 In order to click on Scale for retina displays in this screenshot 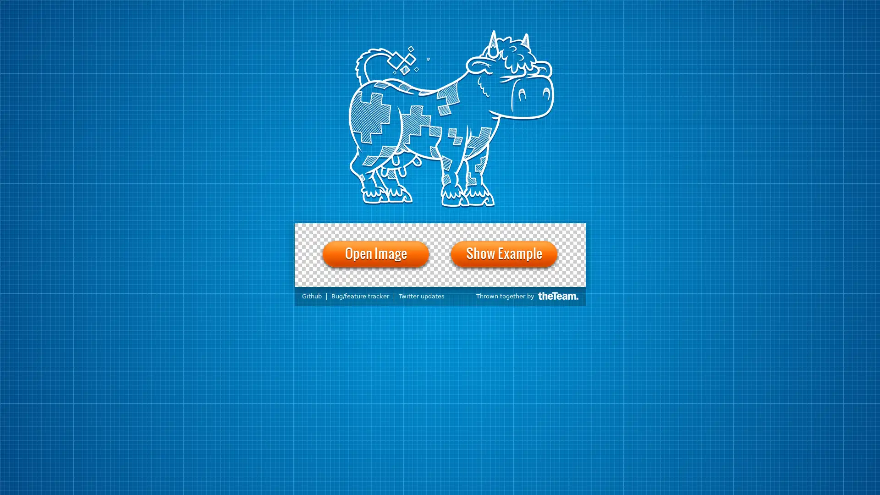, I will do `click(303, 293)`.